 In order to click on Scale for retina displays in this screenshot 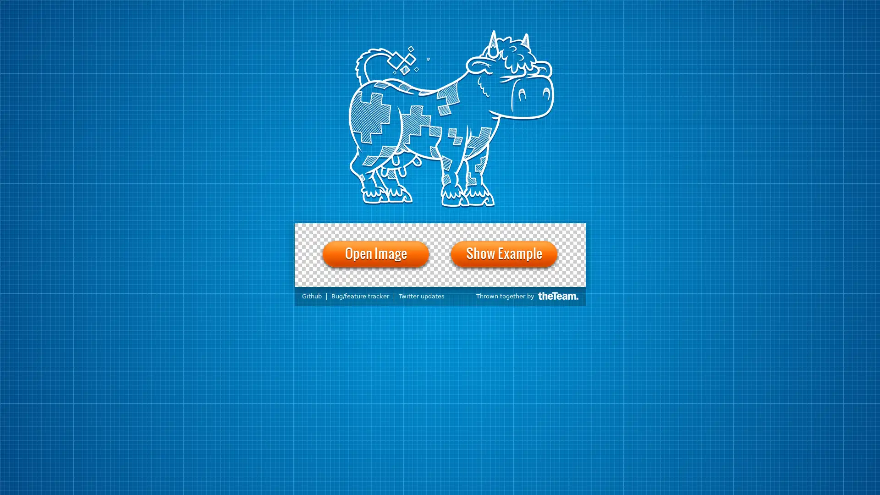, I will do `click(303, 293)`.